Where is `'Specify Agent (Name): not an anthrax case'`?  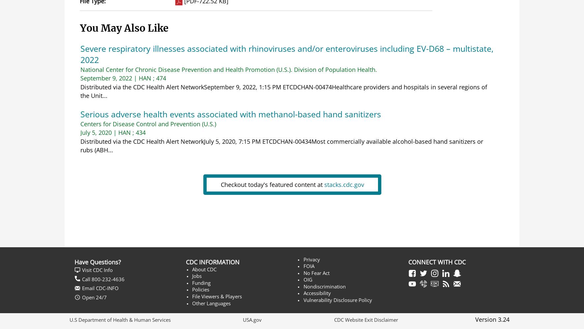
'Specify Agent (Name): not an anthrax case' is located at coordinates (233, 181).